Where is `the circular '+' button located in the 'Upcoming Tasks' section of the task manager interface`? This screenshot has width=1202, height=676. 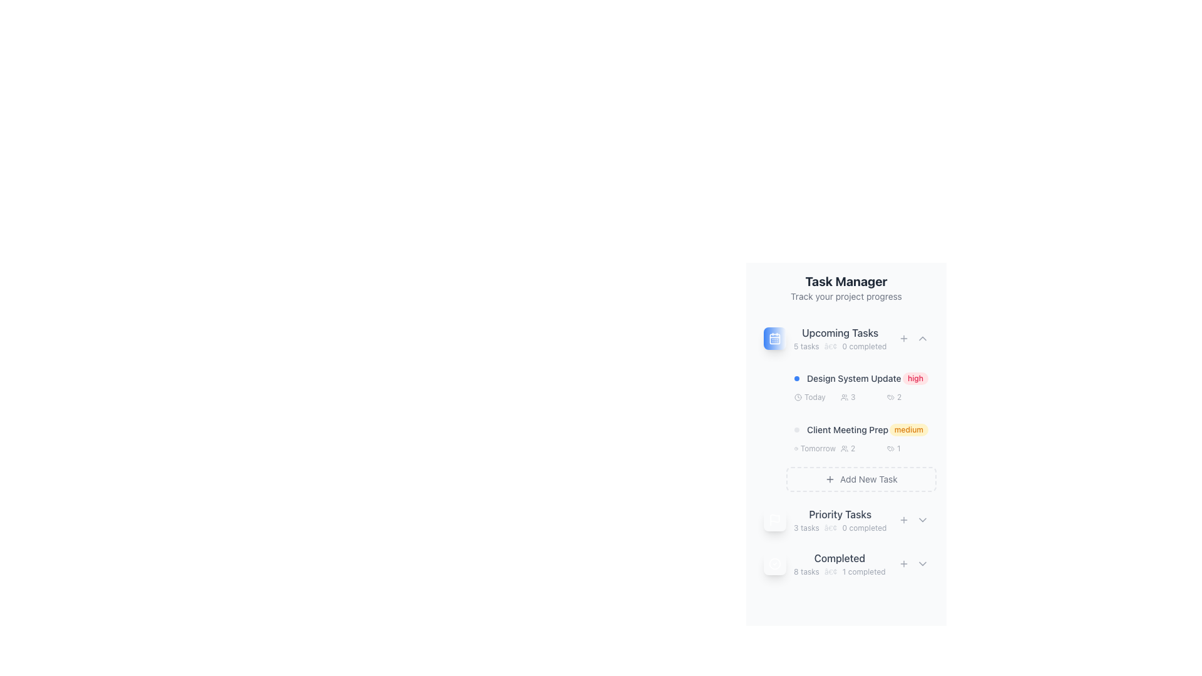 the circular '+' button located in the 'Upcoming Tasks' section of the task manager interface is located at coordinates (904, 338).